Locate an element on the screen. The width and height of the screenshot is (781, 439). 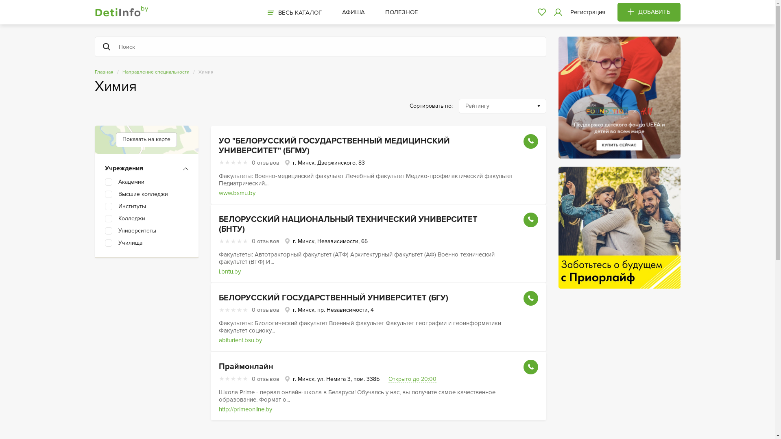
'www.bsmu.by' is located at coordinates (236, 193).